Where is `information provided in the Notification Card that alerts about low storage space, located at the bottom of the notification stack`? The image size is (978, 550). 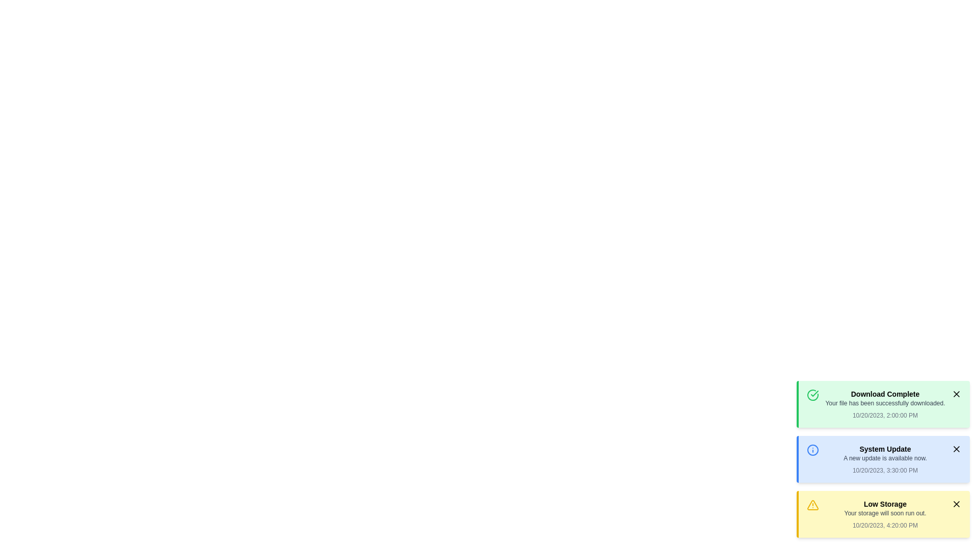 information provided in the Notification Card that alerts about low storage space, located at the bottom of the notification stack is located at coordinates (884, 514).